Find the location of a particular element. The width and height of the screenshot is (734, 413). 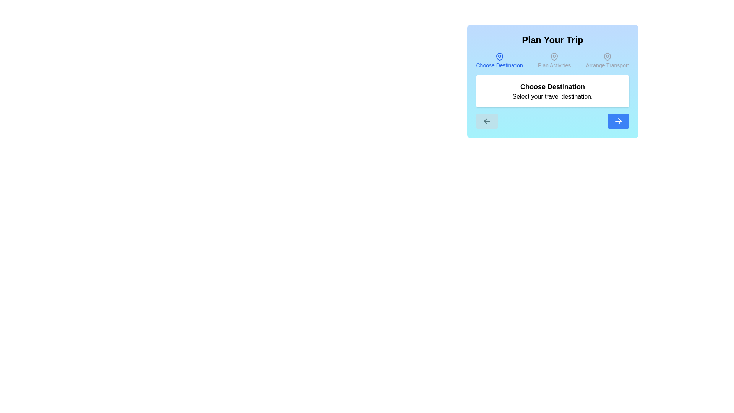

the step indicator corresponding to Plan Activities to move to that step is located at coordinates (554, 60).